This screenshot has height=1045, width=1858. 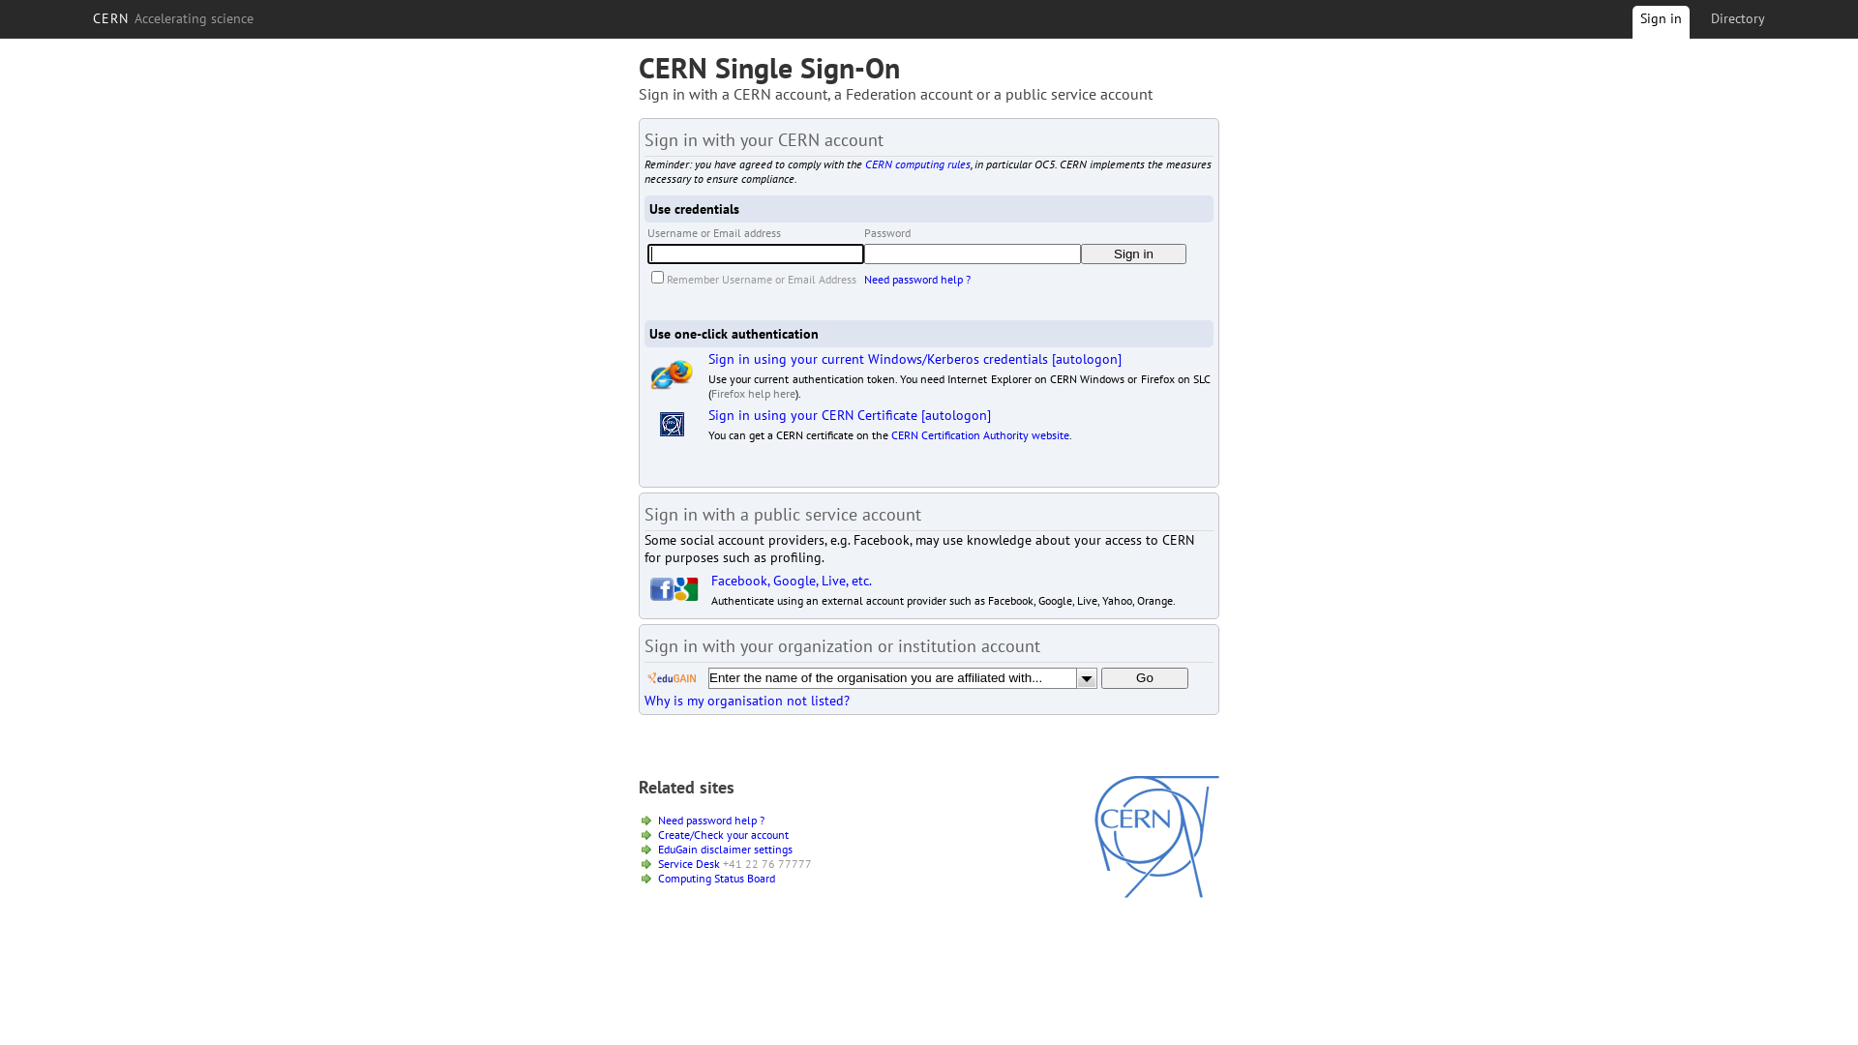 I want to click on '[show debug information]', so click(x=701, y=722).